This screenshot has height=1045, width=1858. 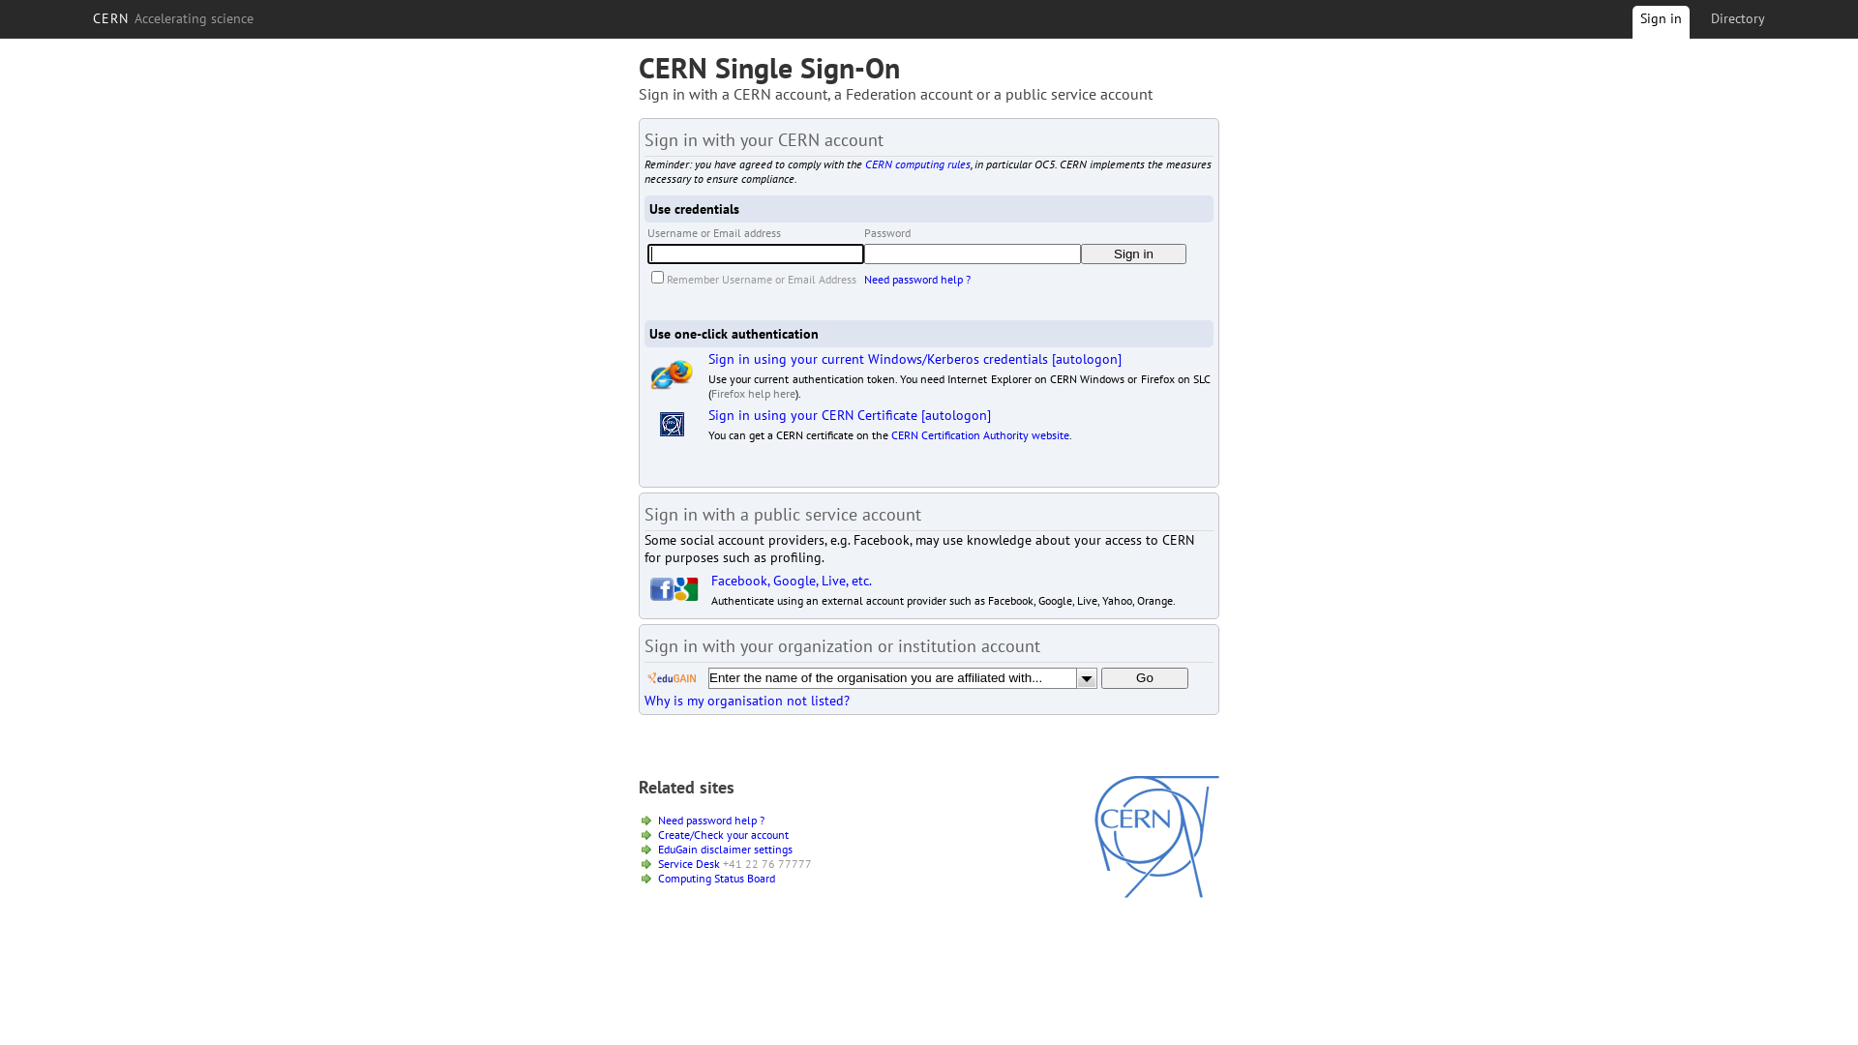 I want to click on '[show debug information]', so click(x=701, y=722).